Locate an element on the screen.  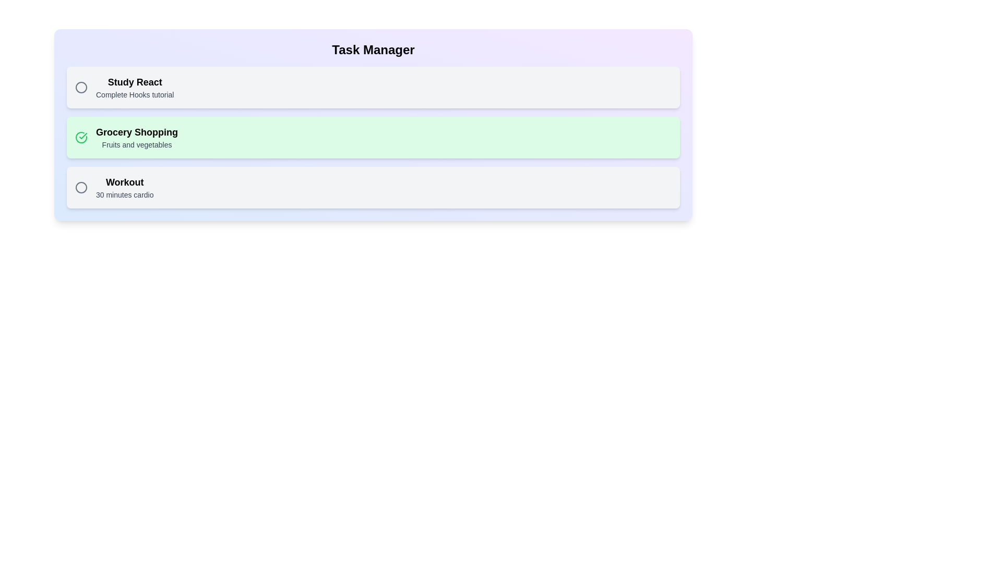
the Circular Interactive Icon is located at coordinates (81, 187).